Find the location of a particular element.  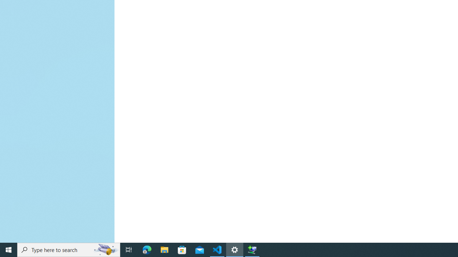

'Extensible Wizards Host Process - 1 running window' is located at coordinates (252, 249).